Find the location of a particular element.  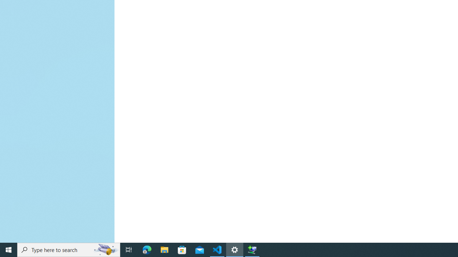

'Extensible Wizards Host Process - 1 running window' is located at coordinates (252, 249).